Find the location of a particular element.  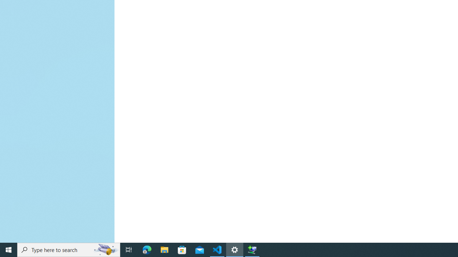

'Extensible Wizards Host Process - 1 running window' is located at coordinates (252, 249).